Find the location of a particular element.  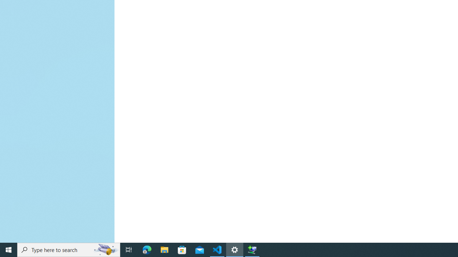

'Extensible Wizards Host Process - 1 running window' is located at coordinates (252, 249).